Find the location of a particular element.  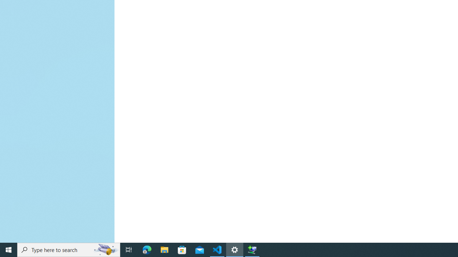

'Extensible Wizards Host Process - 1 running window' is located at coordinates (252, 249).